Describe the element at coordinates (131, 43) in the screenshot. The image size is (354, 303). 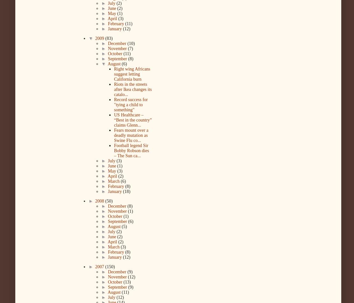
I see `'(10)'` at that location.